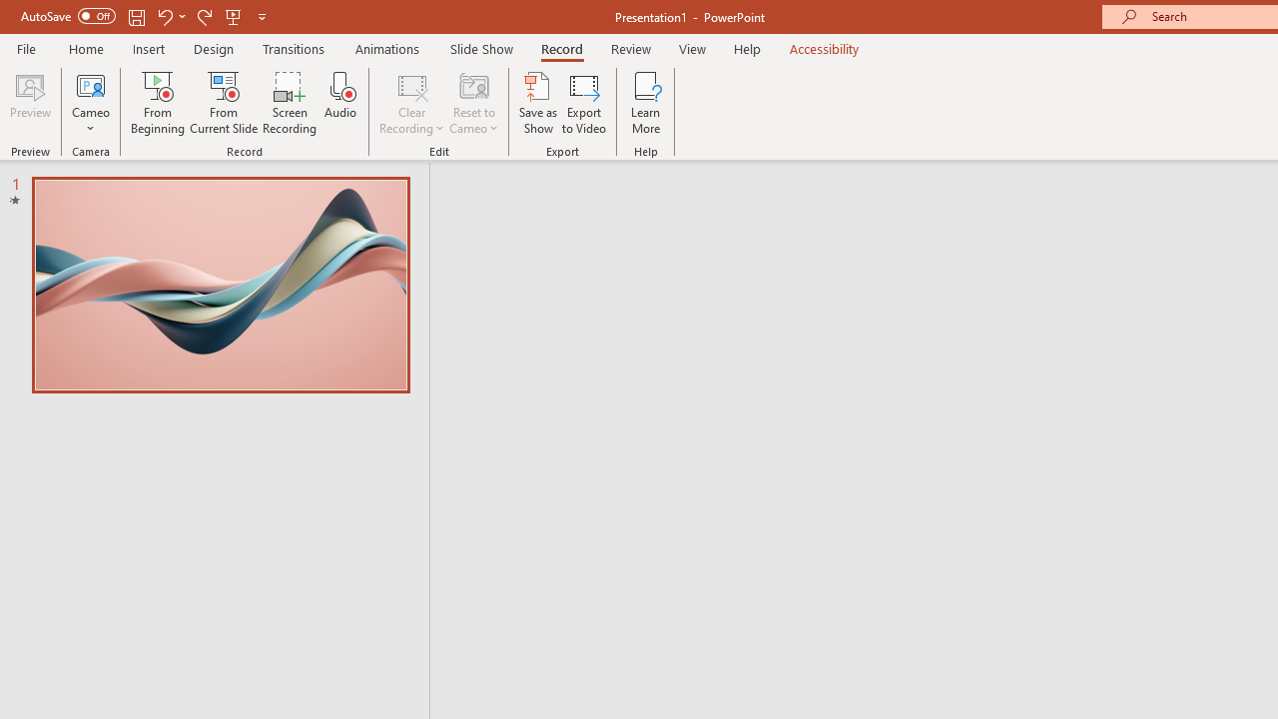 This screenshot has height=719, width=1278. What do you see at coordinates (30, 103) in the screenshot?
I see `'Preview'` at bounding box center [30, 103].